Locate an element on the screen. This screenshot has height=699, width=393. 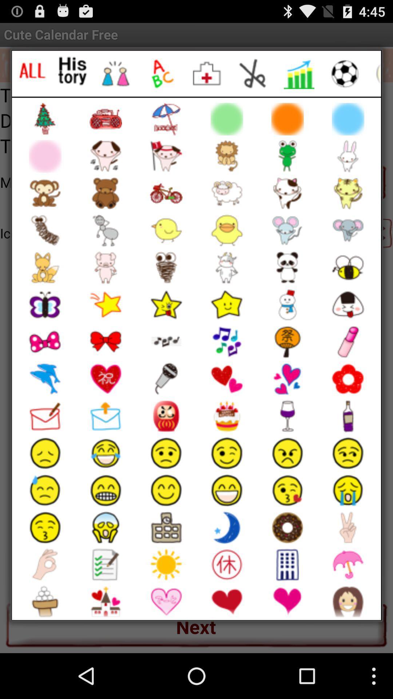
football picture/sticker is located at coordinates (345, 74).